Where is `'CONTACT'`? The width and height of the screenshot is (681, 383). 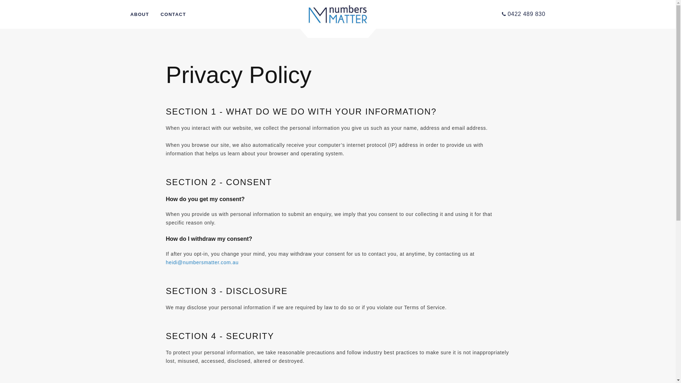 'CONTACT' is located at coordinates (173, 15).